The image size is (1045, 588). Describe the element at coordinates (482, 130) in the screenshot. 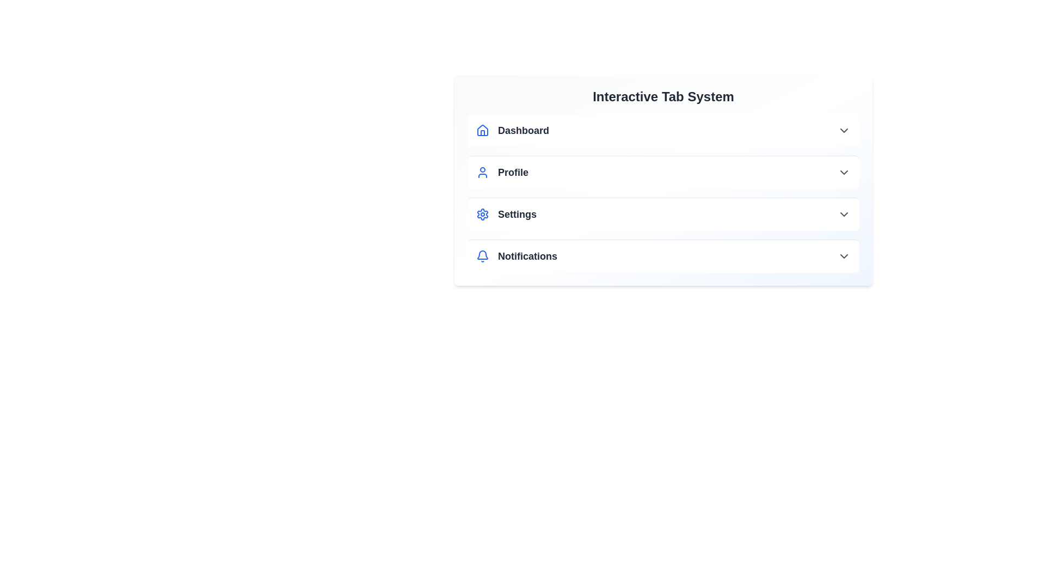

I see `the visual representation of the house-shaped icon styled in blue, located on the left side of the first item in a vertical list of tabs` at that location.